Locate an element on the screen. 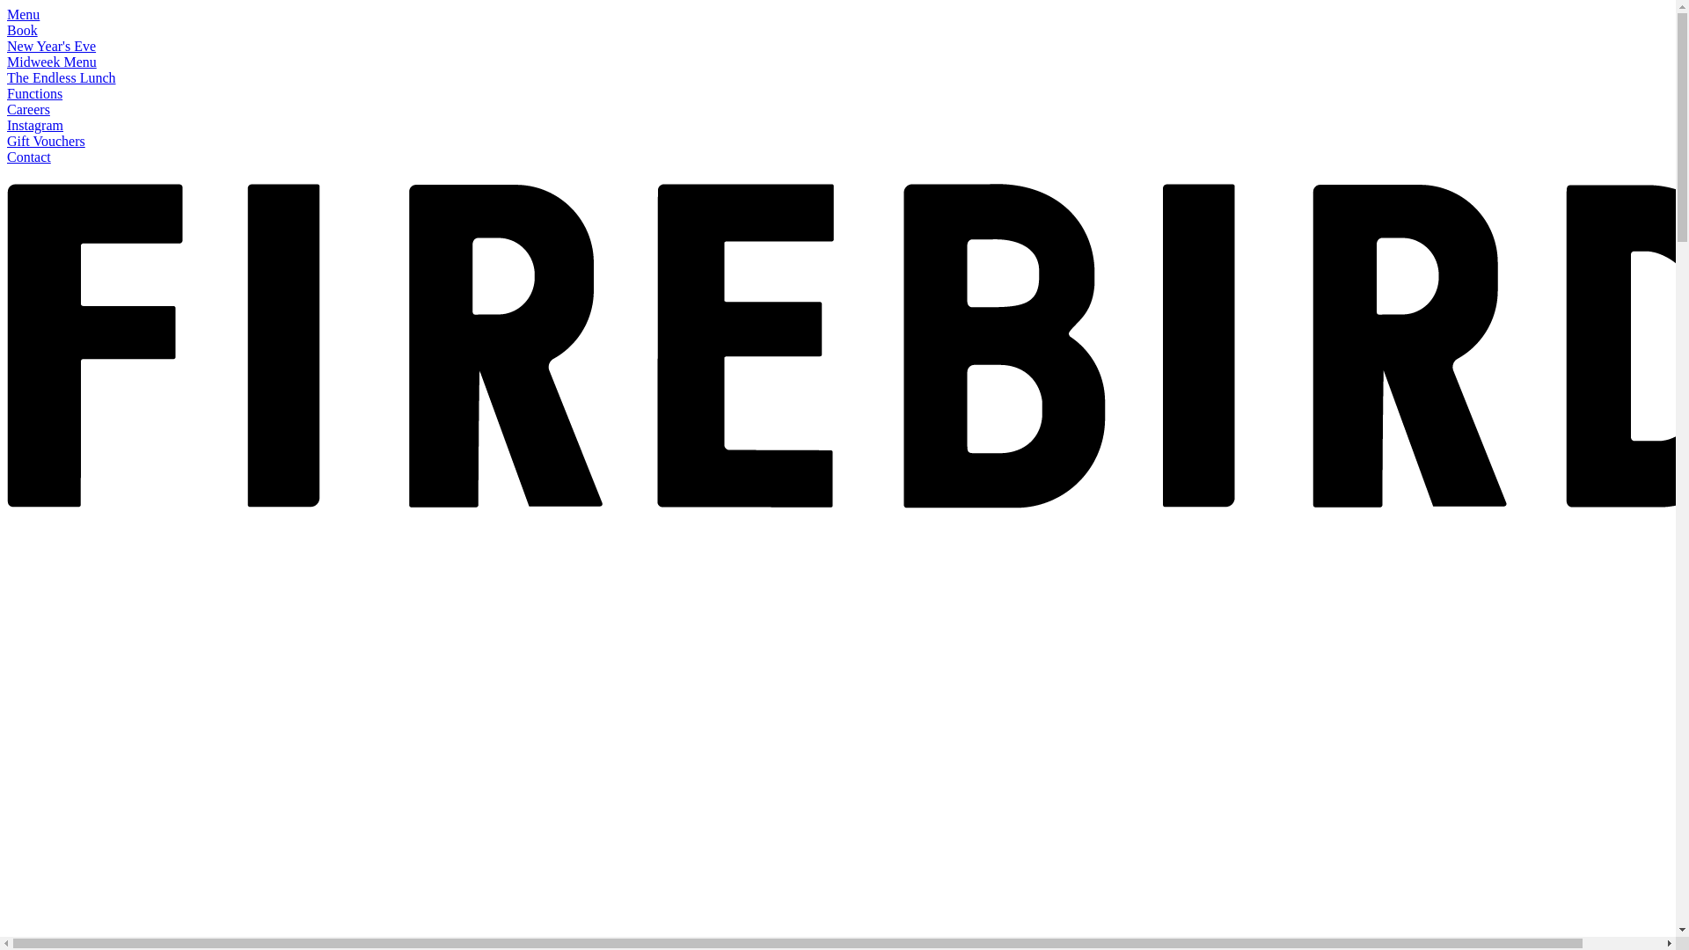 This screenshot has height=950, width=1689. 'Gift Vouchers' is located at coordinates (46, 140).